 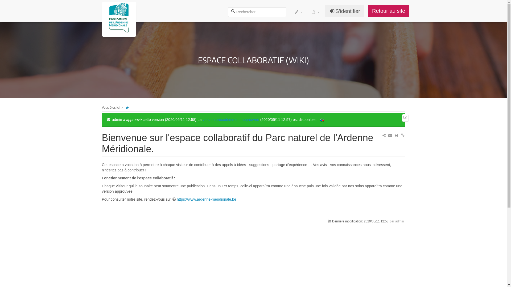 What do you see at coordinates (204, 199) in the screenshot?
I see `'https://www.ardenne-meridionale.be'` at bounding box center [204, 199].